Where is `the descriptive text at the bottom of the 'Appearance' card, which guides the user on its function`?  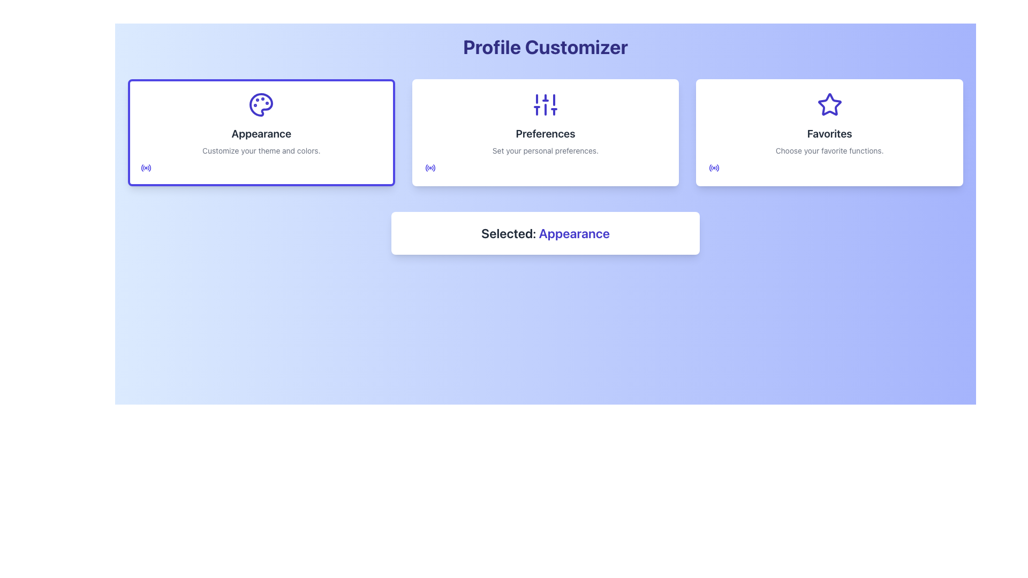 the descriptive text at the bottom of the 'Appearance' card, which guides the user on its function is located at coordinates (261, 150).